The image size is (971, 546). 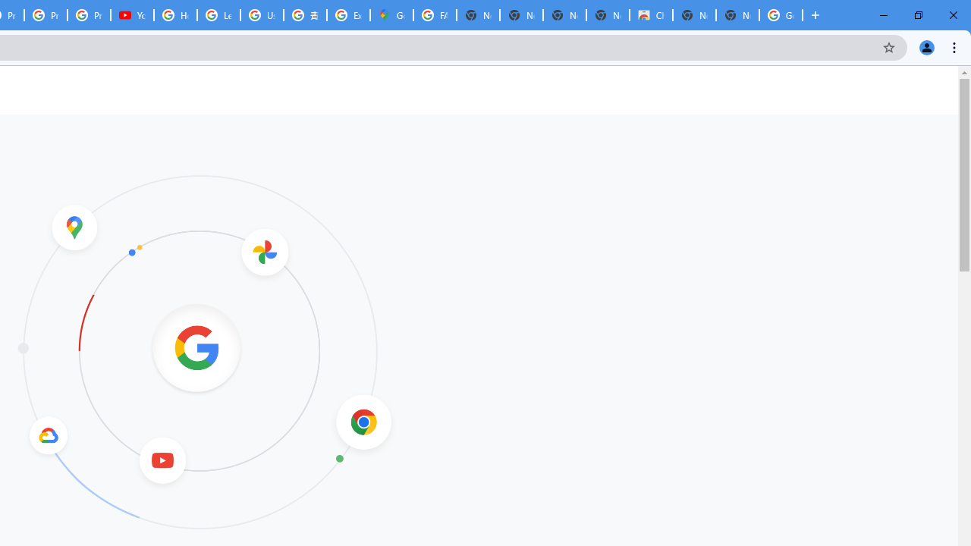 I want to click on 'Explore new street-level details - Google Maps Help', so click(x=347, y=15).